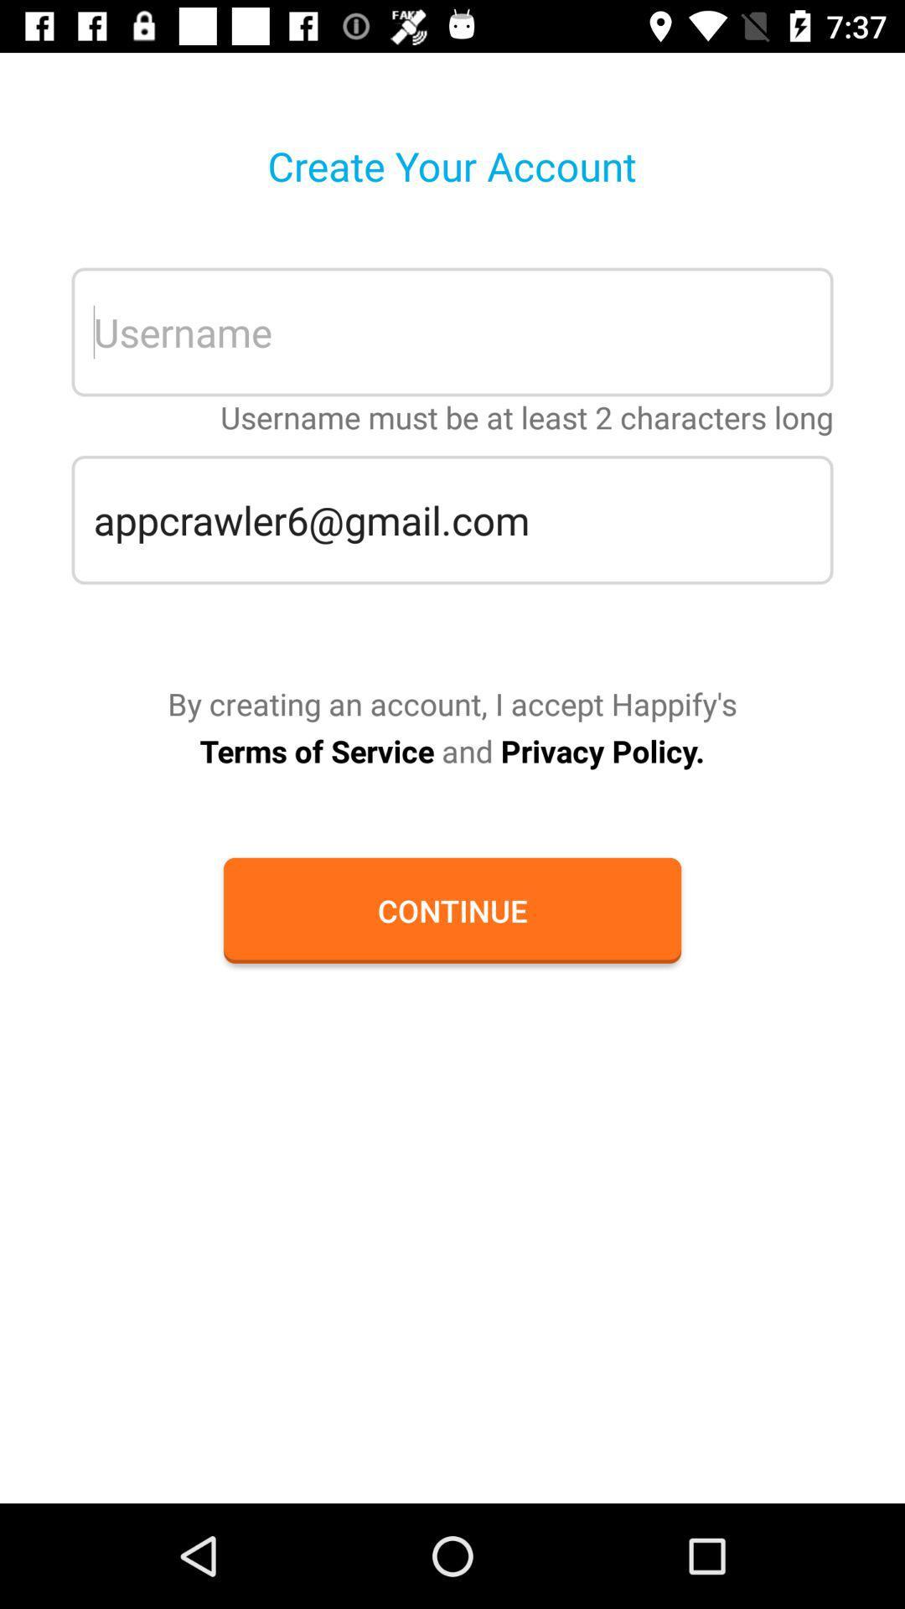  Describe the element at coordinates (452, 332) in the screenshot. I see `item below create your account icon` at that location.